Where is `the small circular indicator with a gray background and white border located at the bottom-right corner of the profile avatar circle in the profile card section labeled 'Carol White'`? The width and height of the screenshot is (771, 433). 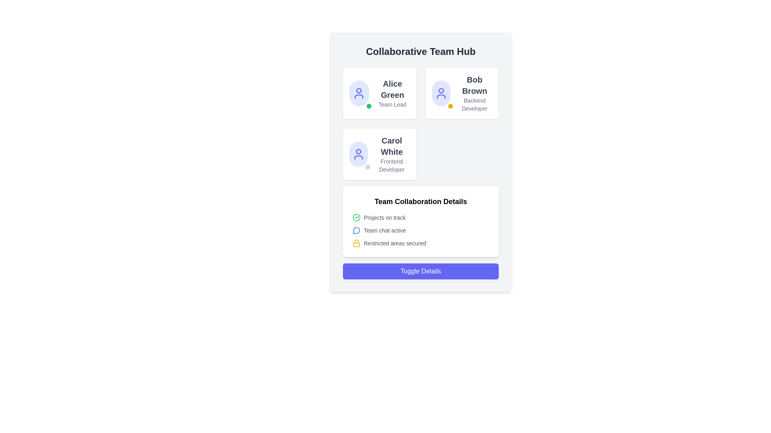 the small circular indicator with a gray background and white border located at the bottom-right corner of the profile avatar circle in the profile card section labeled 'Carol White' is located at coordinates (367, 166).